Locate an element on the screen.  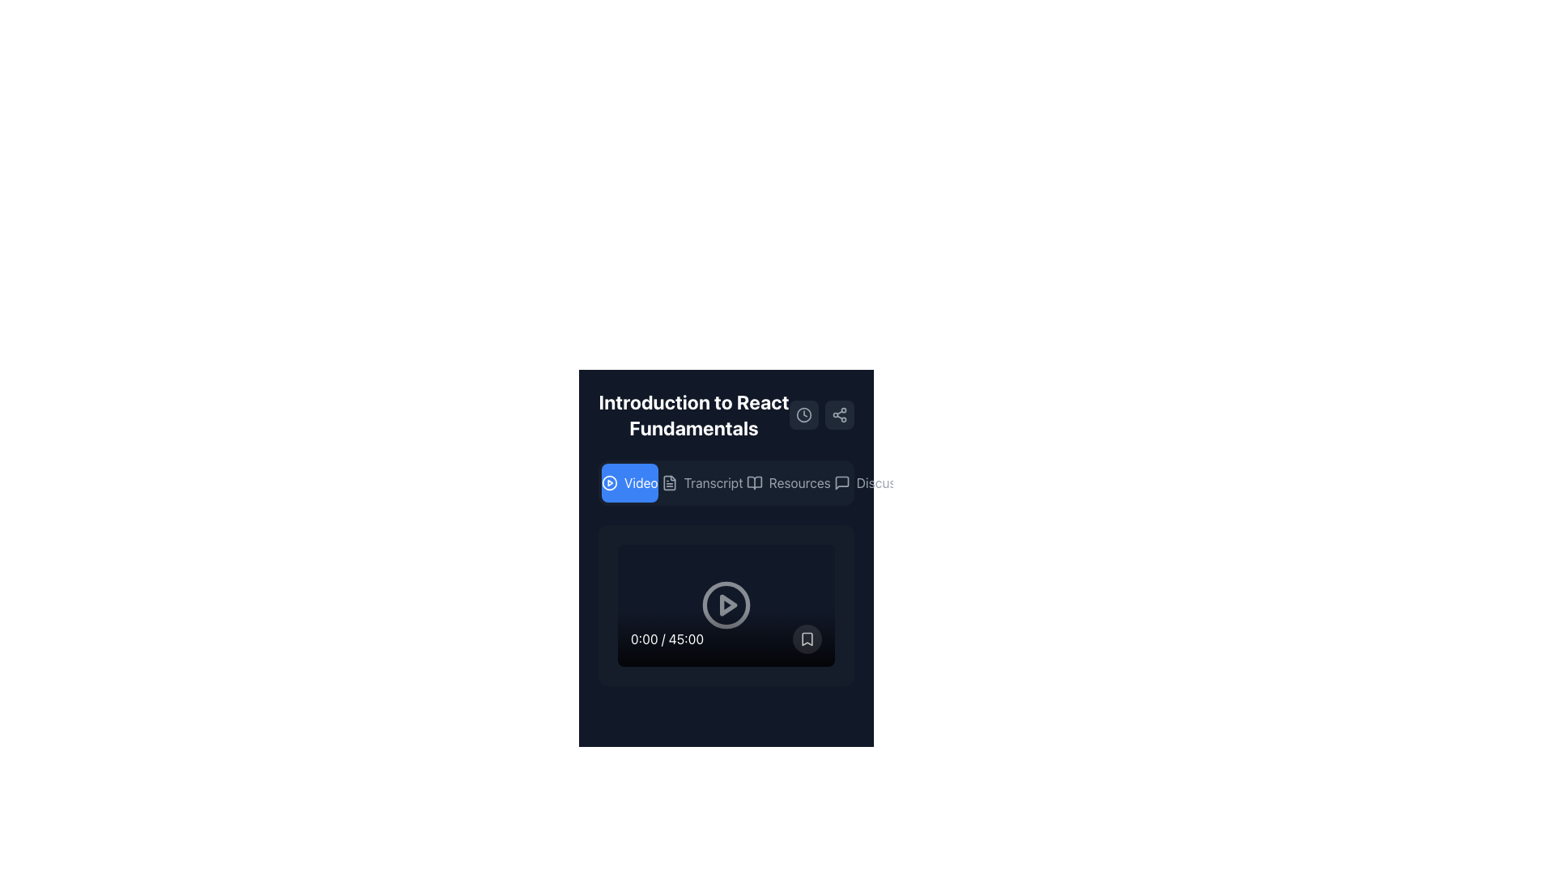
the navigation button located in the middle-right area of the toolbar group, which is the third option from the left, following 'Transcript' is located at coordinates (799, 482).